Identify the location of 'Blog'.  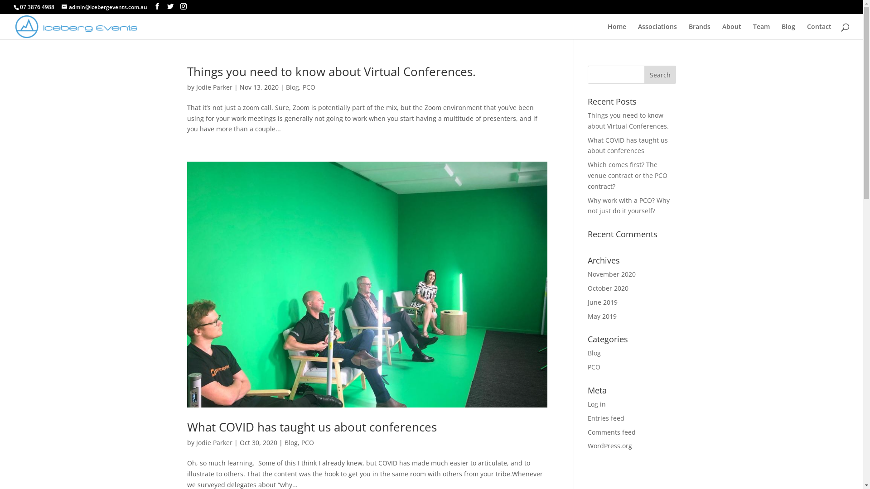
(788, 31).